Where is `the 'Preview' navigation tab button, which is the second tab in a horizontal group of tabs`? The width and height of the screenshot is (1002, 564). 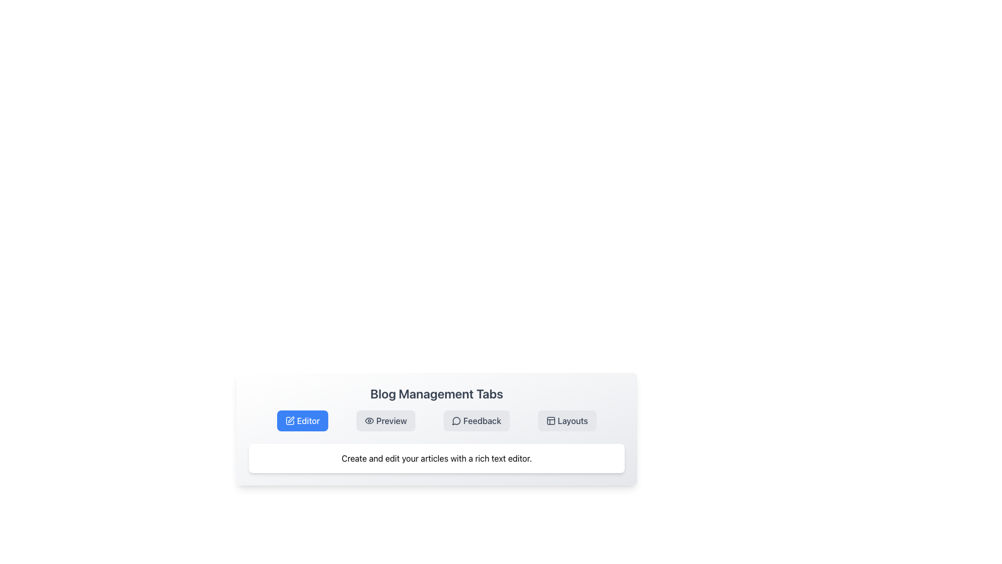
the 'Preview' navigation tab button, which is the second tab in a horizontal group of tabs is located at coordinates (385, 420).